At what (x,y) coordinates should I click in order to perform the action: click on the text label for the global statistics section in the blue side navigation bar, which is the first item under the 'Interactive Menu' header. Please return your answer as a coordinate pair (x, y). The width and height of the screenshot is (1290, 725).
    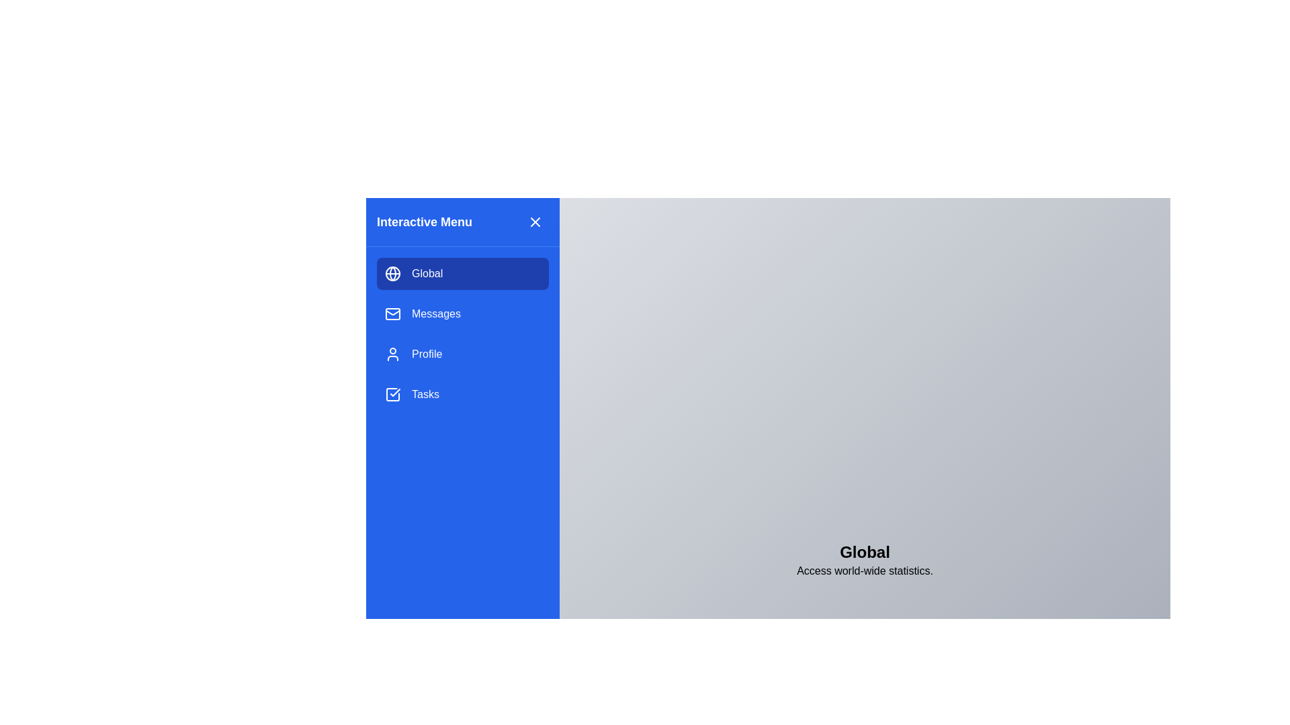
    Looking at the image, I should click on (427, 273).